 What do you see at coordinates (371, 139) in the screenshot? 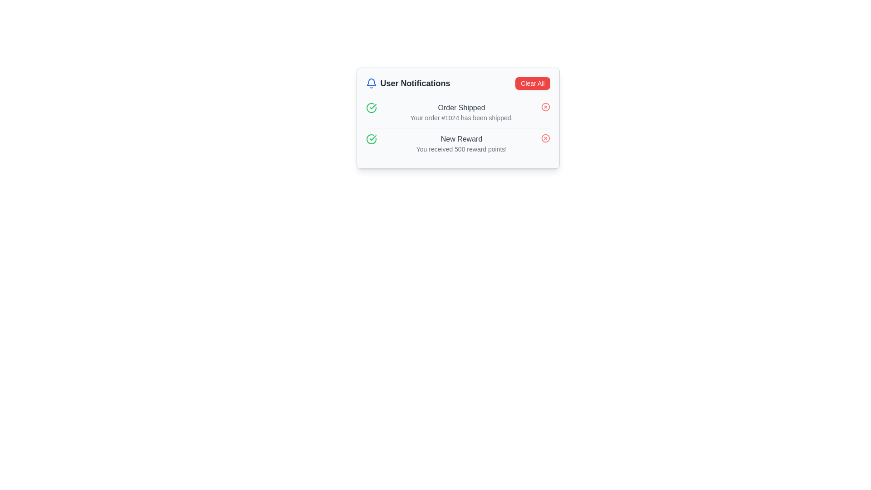
I see `the icon representing a successful status for the 'New Reward' notification, located to the left of the corresponding text` at bounding box center [371, 139].